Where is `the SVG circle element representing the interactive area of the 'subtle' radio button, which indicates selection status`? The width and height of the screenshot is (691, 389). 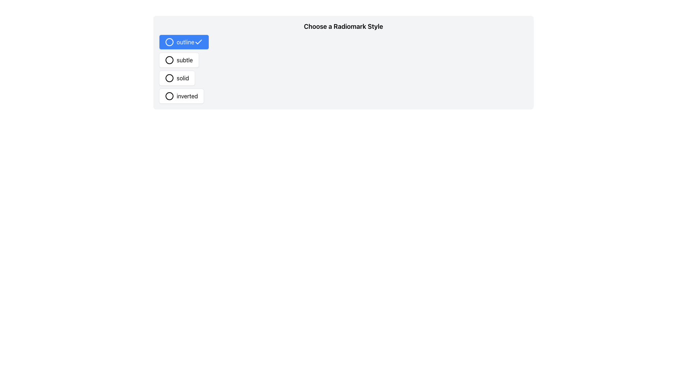 the SVG circle element representing the interactive area of the 'subtle' radio button, which indicates selection status is located at coordinates (169, 59).